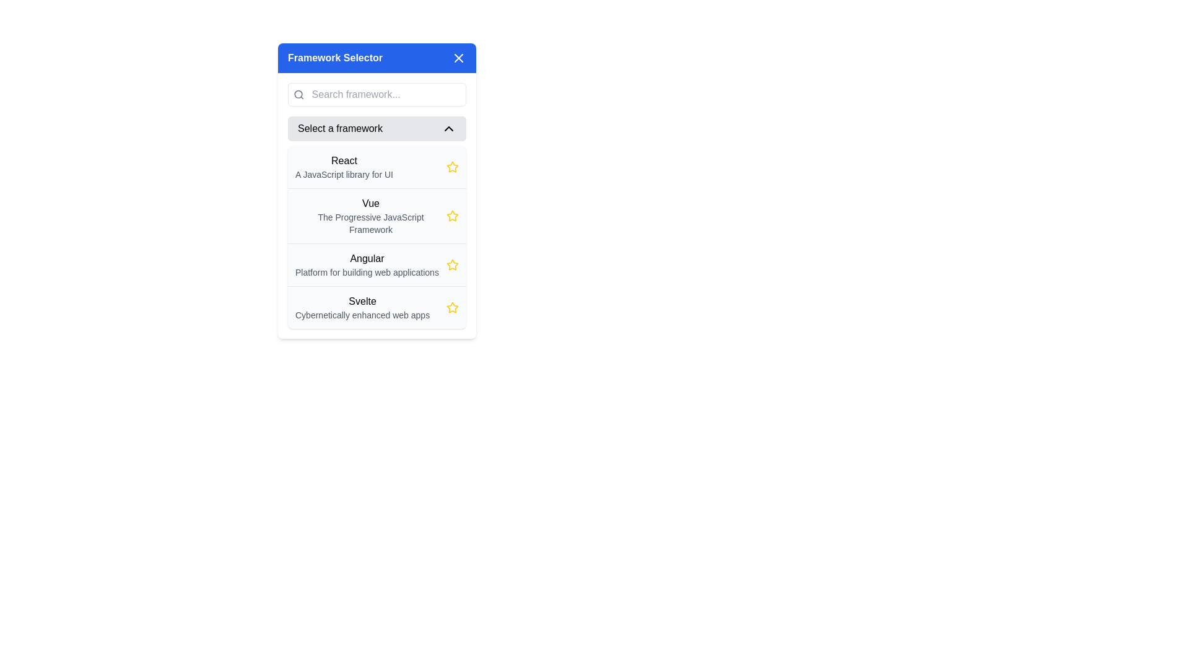  What do you see at coordinates (451, 215) in the screenshot?
I see `the favorite icon located on the right side of the 'Vue' option in the framework selection list to favorite the associated framework` at bounding box center [451, 215].